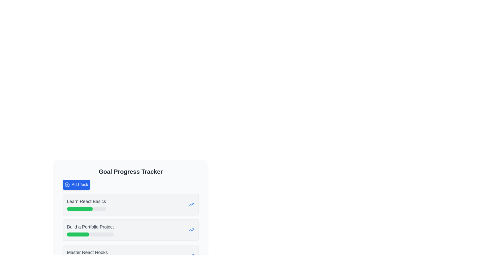 The image size is (480, 270). Describe the element at coordinates (76, 185) in the screenshot. I see `the 'Add Task' button, which is a rectangular button with rounded corners, a blue background, and white text displaying 'Add Task', located in the top-left section of the 'Goal Progress Tracker' panel` at that location.